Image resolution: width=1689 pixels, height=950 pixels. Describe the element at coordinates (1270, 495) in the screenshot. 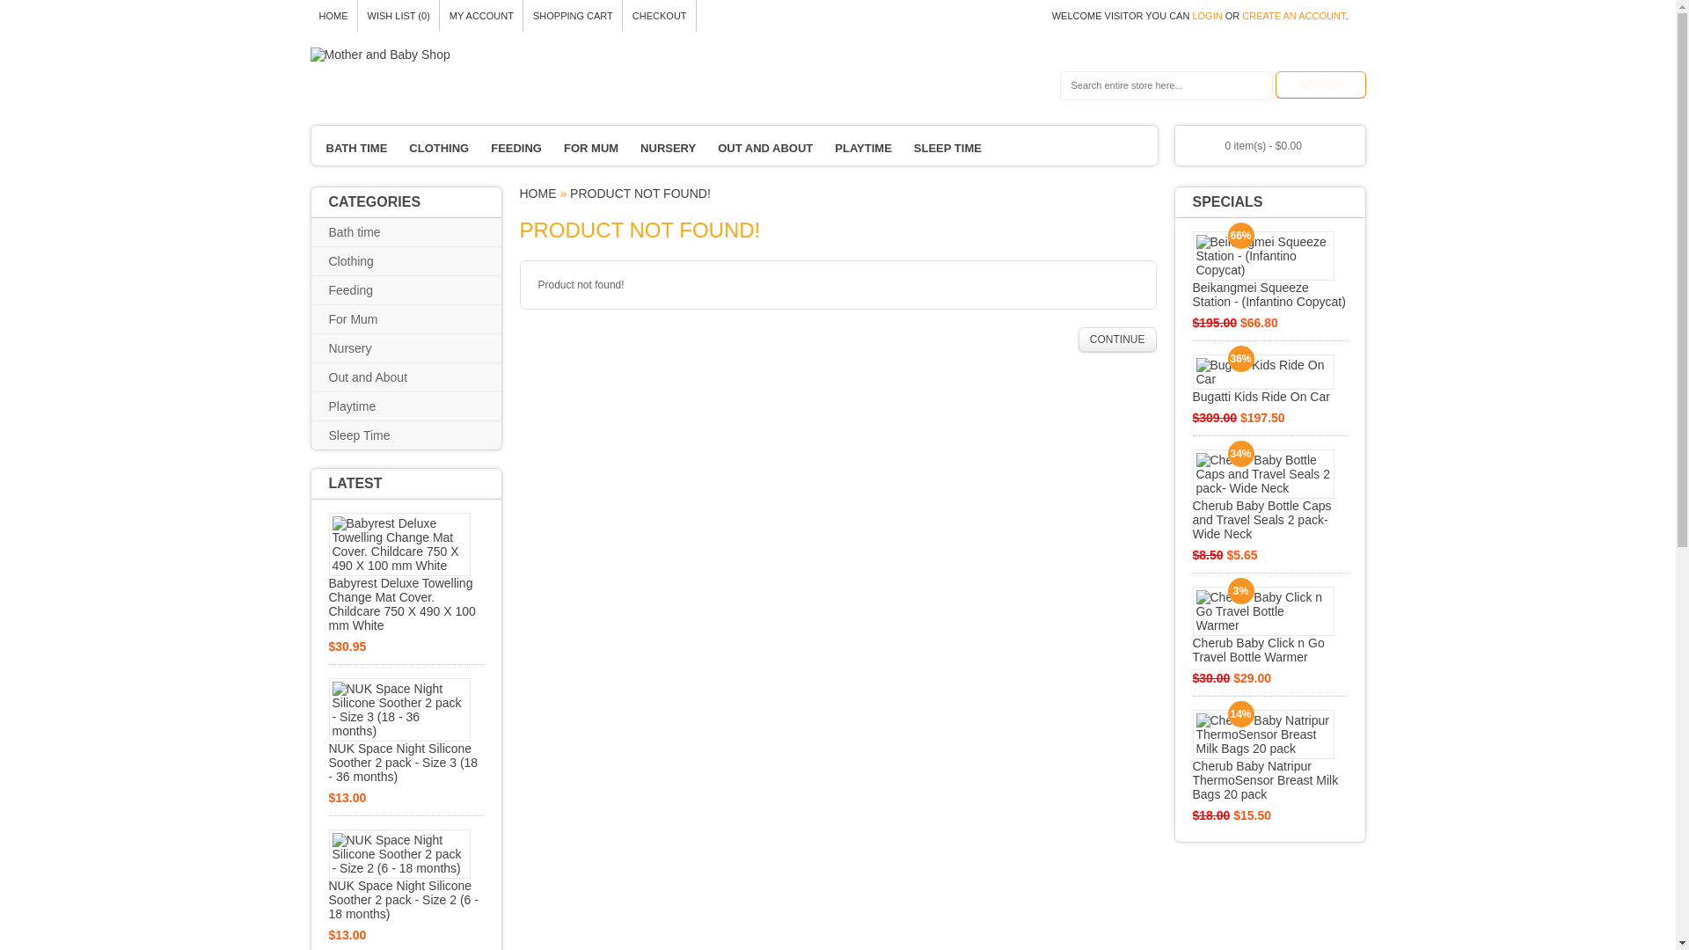

I see `'Cherub Baby Bottle Caps and Travel Seals 2 pack- Wide Neck'` at that location.